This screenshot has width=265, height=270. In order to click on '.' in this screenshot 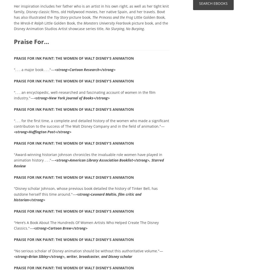, I will do `click(144, 28)`.